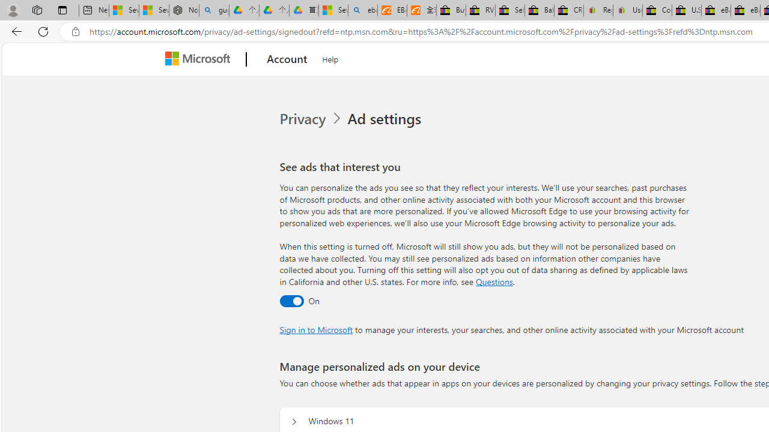 The image size is (769, 432). I want to click on 'Ad settings toggle', so click(291, 300).